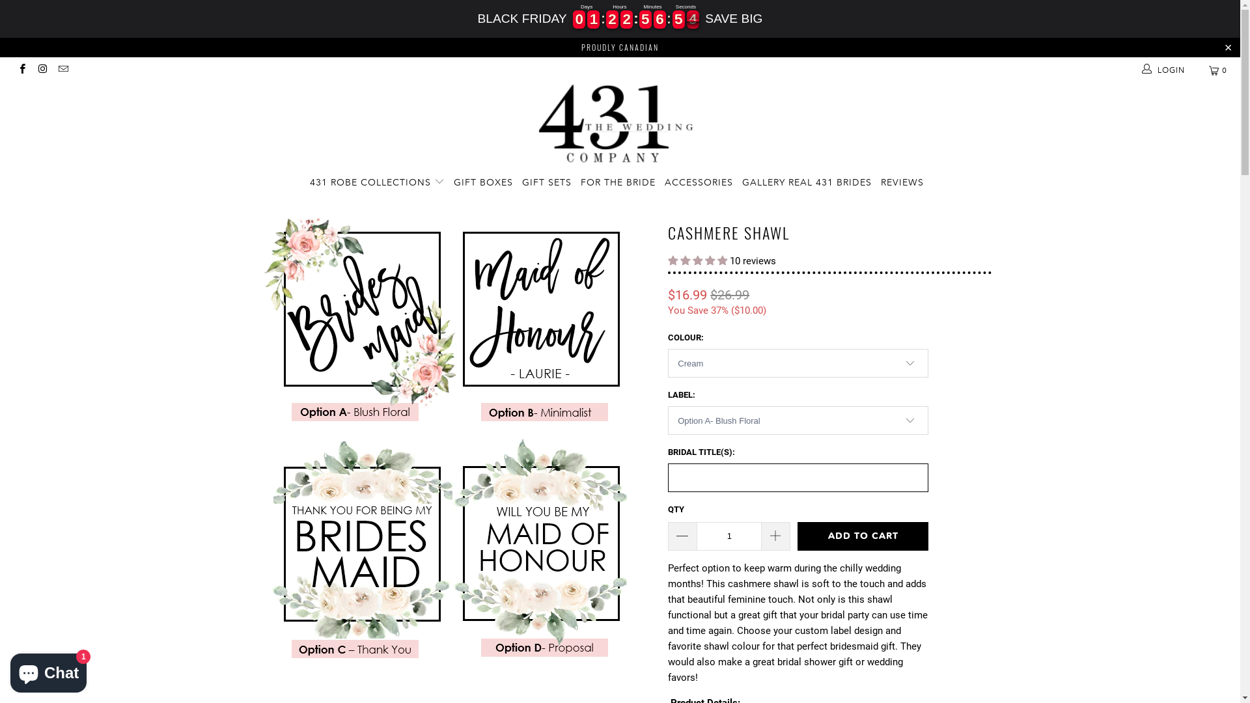 This screenshot has width=1250, height=703. Describe the element at coordinates (21, 70) in the screenshot. I see `'431 The Wedding Company on Facebook'` at that location.